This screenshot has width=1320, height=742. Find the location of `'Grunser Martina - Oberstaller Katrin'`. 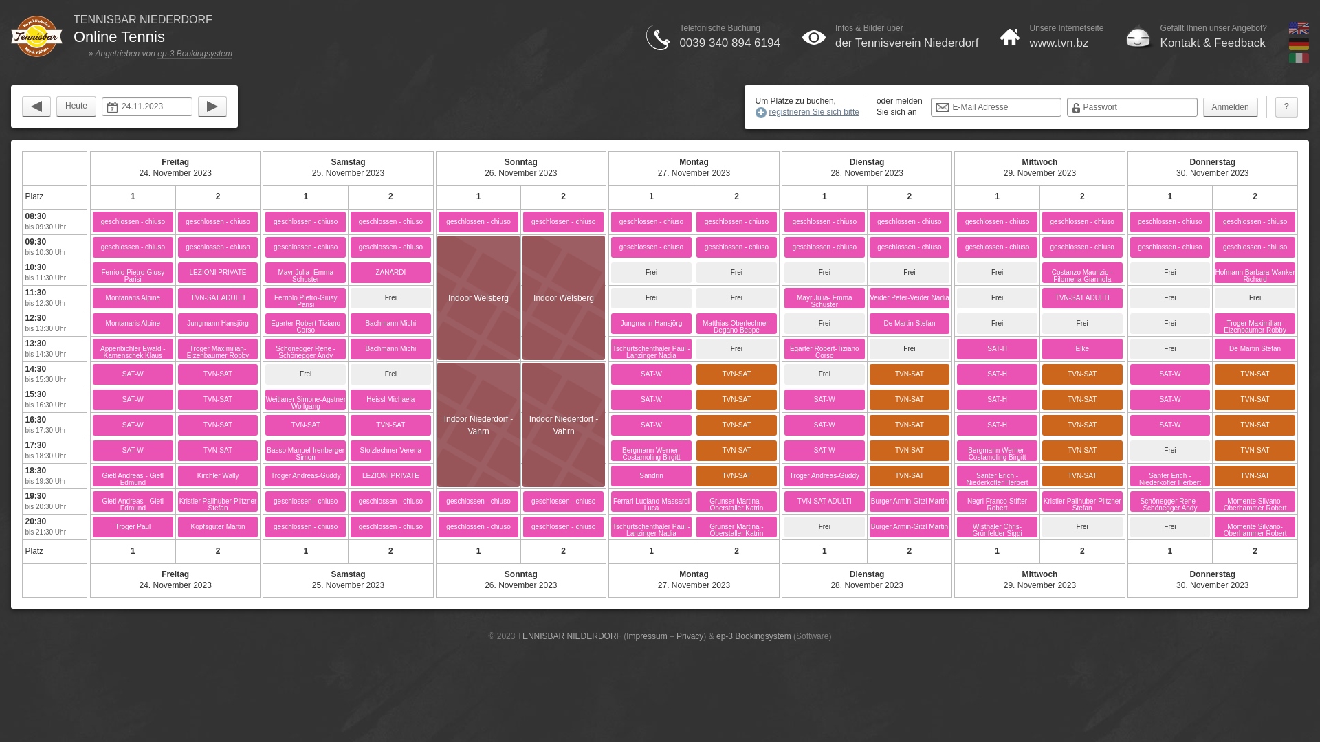

'Grunser Martina - Oberstaller Katrin' is located at coordinates (736, 526).